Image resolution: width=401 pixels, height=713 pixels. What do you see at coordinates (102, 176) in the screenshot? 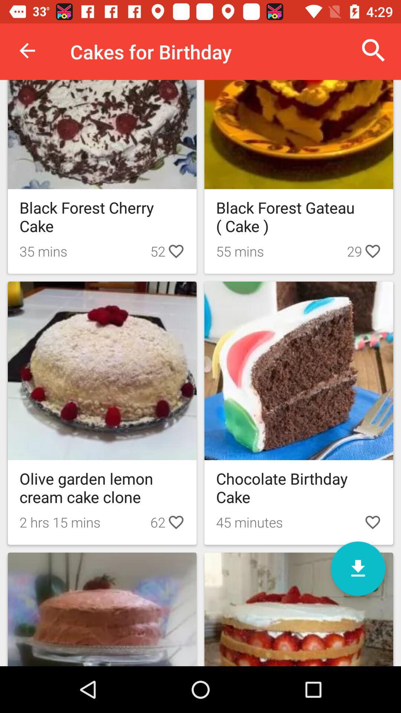
I see `the black forest cherry cake image option` at bounding box center [102, 176].